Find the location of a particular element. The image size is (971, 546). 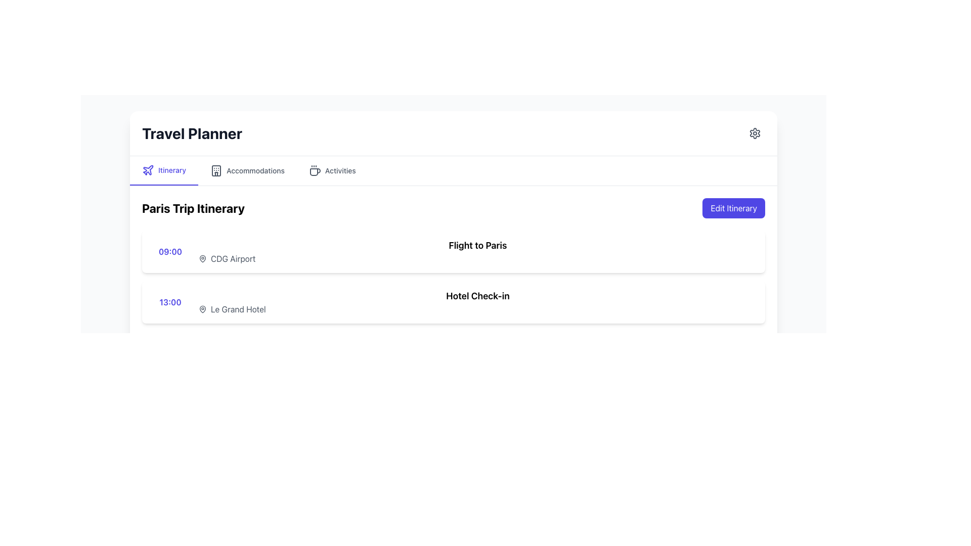

the 'Hotel Check-in' text label styled in bold font, located within a white rectangular background and positioned to the right of the indigo-colored time '13:00', under the 'Paris Trip Itinerary' section is located at coordinates (453, 301).